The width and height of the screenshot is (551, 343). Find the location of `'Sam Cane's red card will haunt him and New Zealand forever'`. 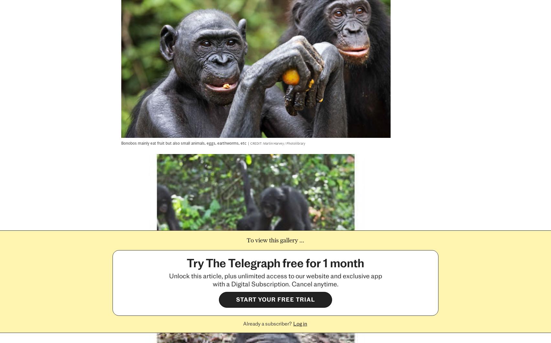

'Sam Cane's red card will haunt him and New Zealand forever' is located at coordinates (469, 187).